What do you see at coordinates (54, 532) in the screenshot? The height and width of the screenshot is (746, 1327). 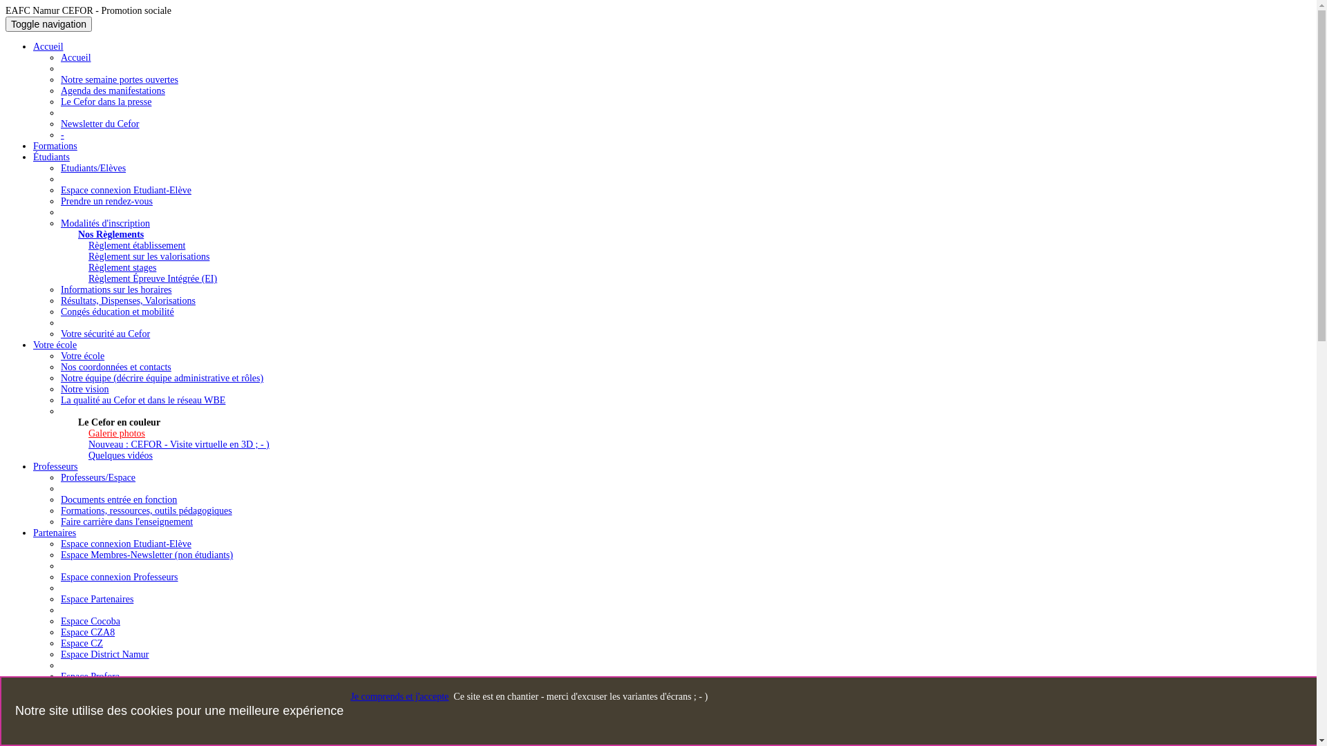 I see `'Partenaires'` at bounding box center [54, 532].